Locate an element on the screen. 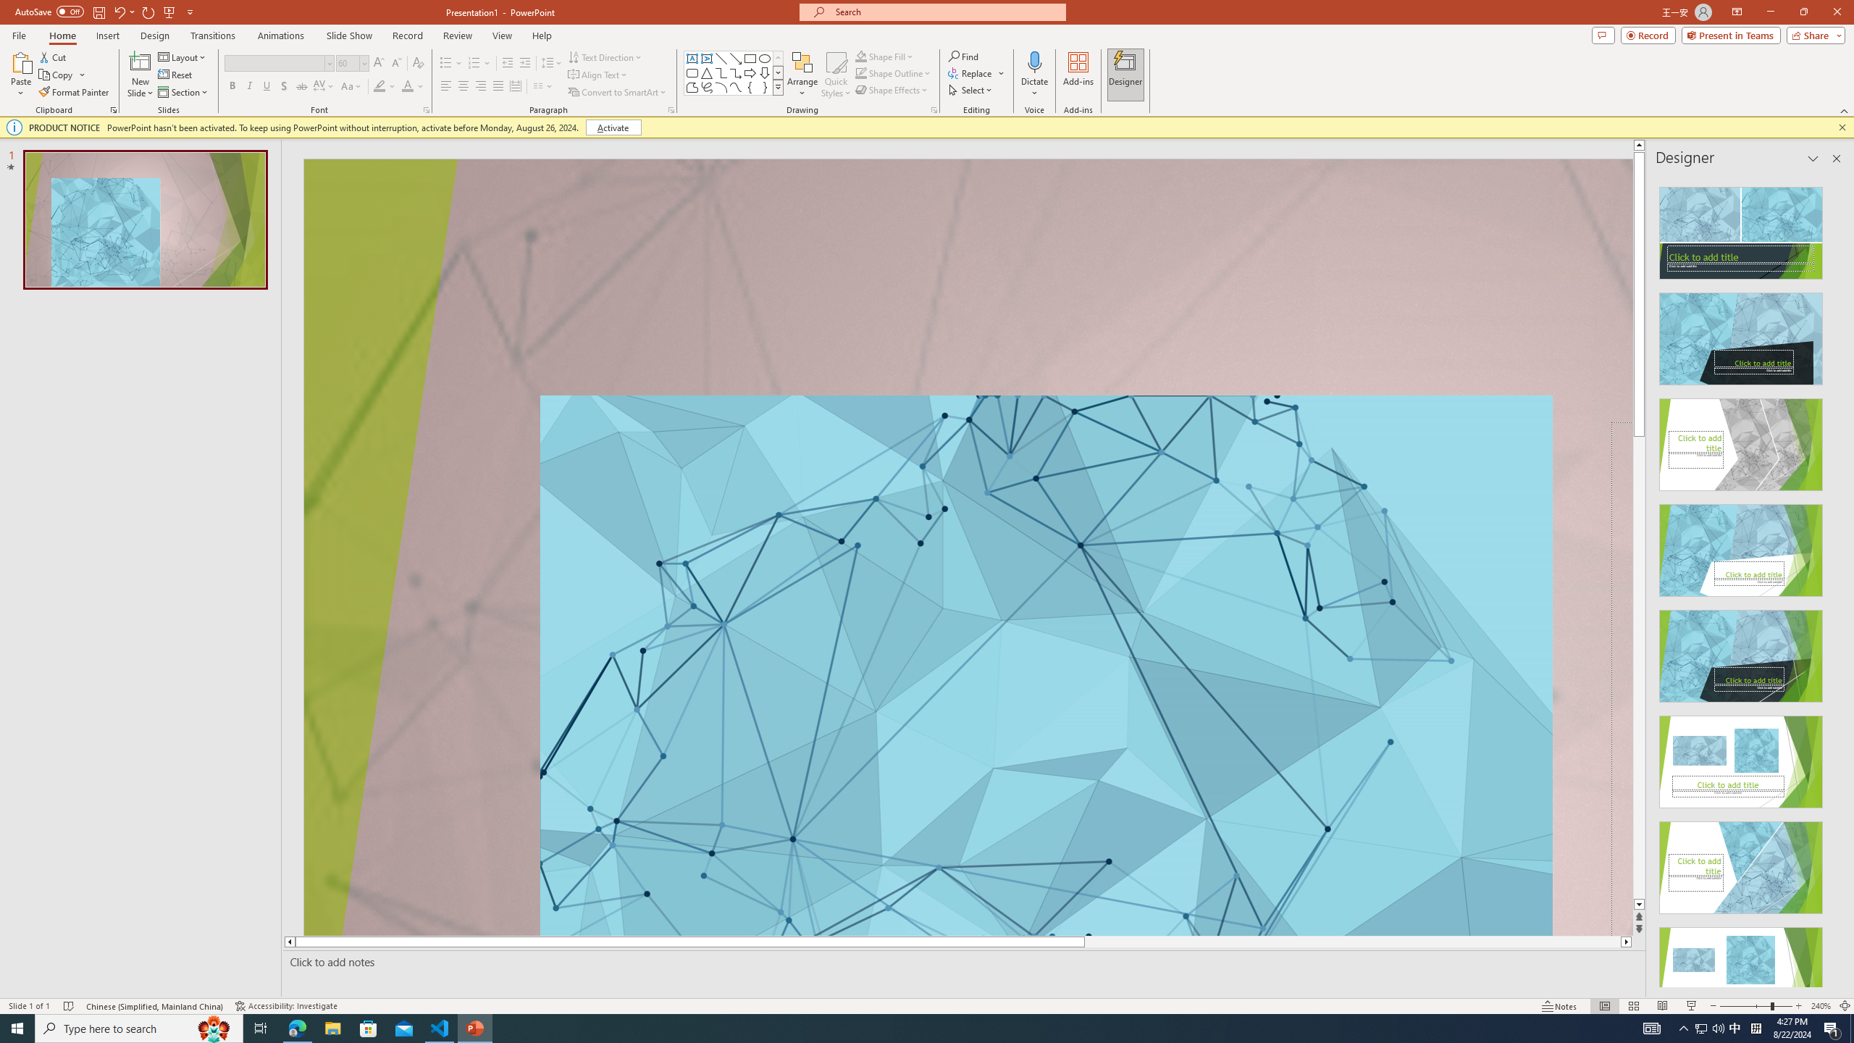 Image resolution: width=1854 pixels, height=1043 pixels. 'Shape Outline Dark Red, Accent 1' is located at coordinates (861, 72).